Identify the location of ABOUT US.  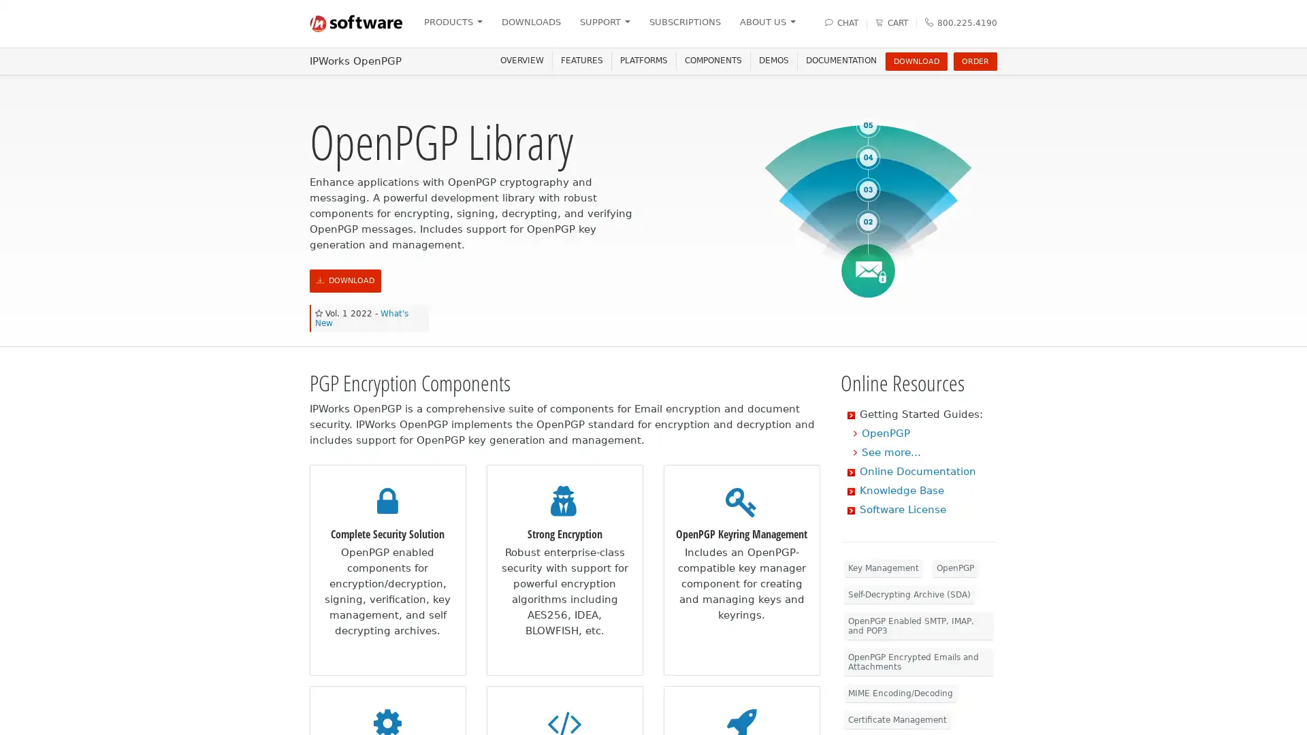
(767, 22).